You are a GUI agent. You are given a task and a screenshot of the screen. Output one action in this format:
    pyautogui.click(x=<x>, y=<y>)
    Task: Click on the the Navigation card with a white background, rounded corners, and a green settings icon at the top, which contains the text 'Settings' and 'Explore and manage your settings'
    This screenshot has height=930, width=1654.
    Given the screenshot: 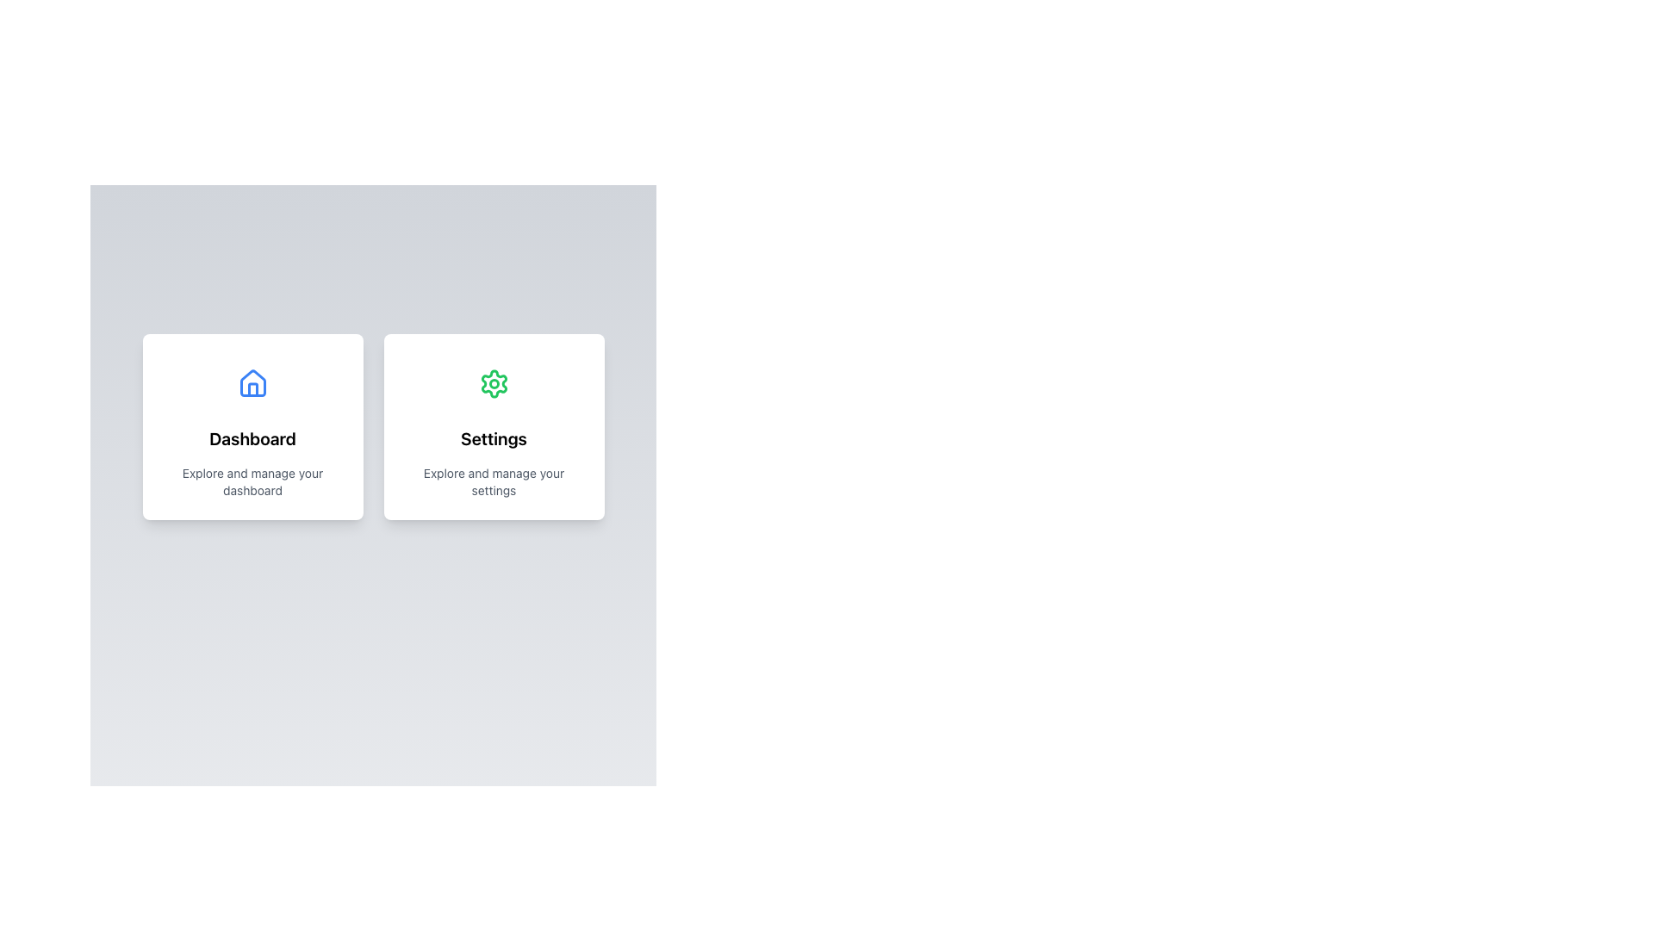 What is the action you would take?
    pyautogui.click(x=493, y=426)
    